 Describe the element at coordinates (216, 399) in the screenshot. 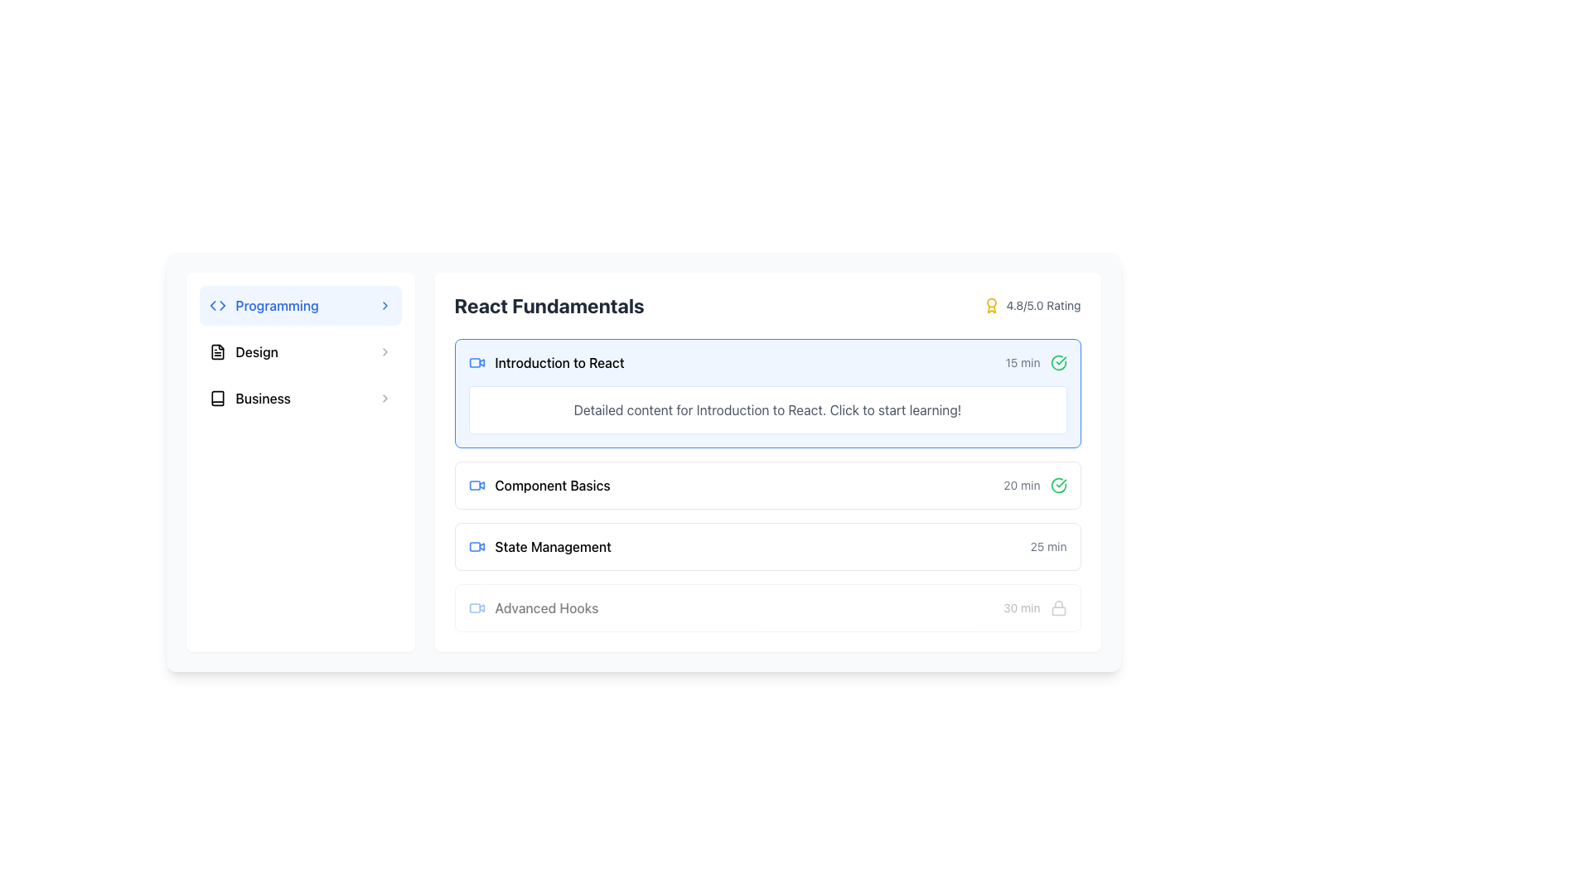

I see `the Icon representing a book in the 'Business' menu` at that location.